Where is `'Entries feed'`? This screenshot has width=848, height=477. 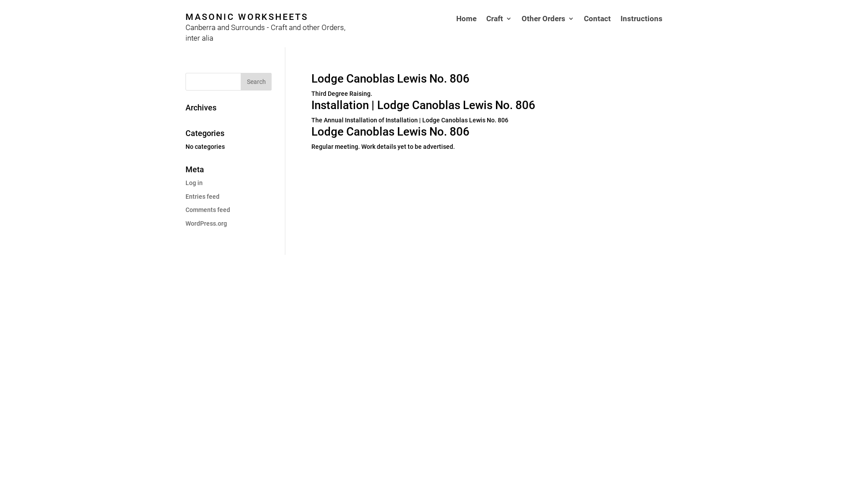
'Entries feed' is located at coordinates (202, 196).